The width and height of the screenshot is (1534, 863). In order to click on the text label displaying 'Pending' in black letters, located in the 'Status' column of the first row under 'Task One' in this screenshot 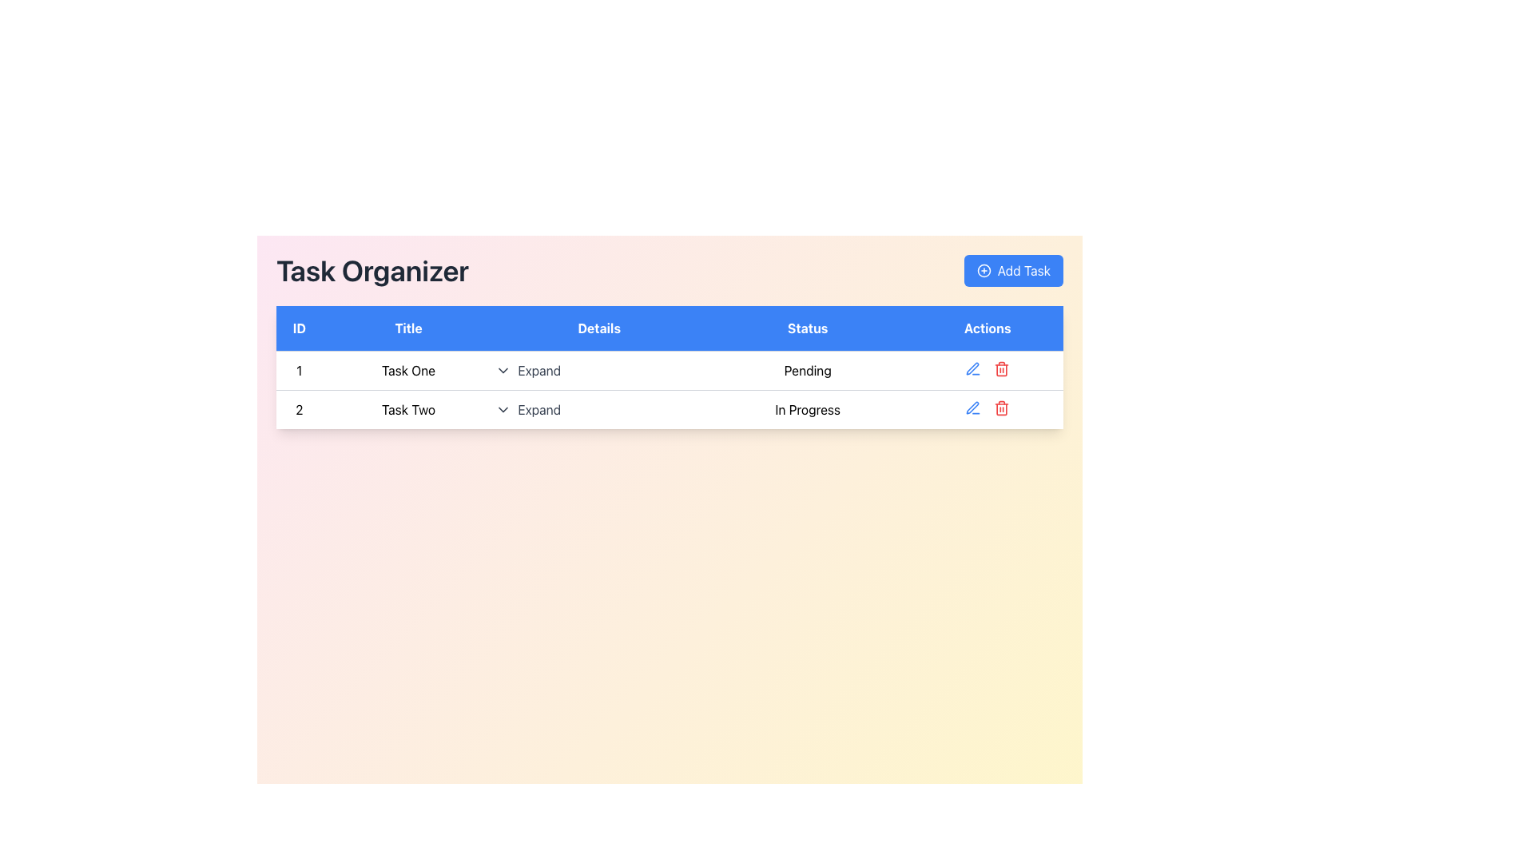, I will do `click(808, 370)`.